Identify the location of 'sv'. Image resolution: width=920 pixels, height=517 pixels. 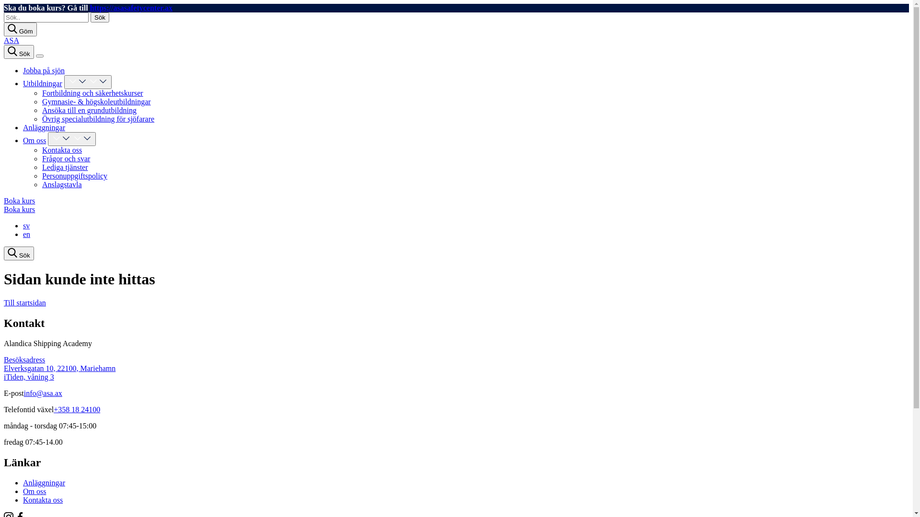
(26, 225).